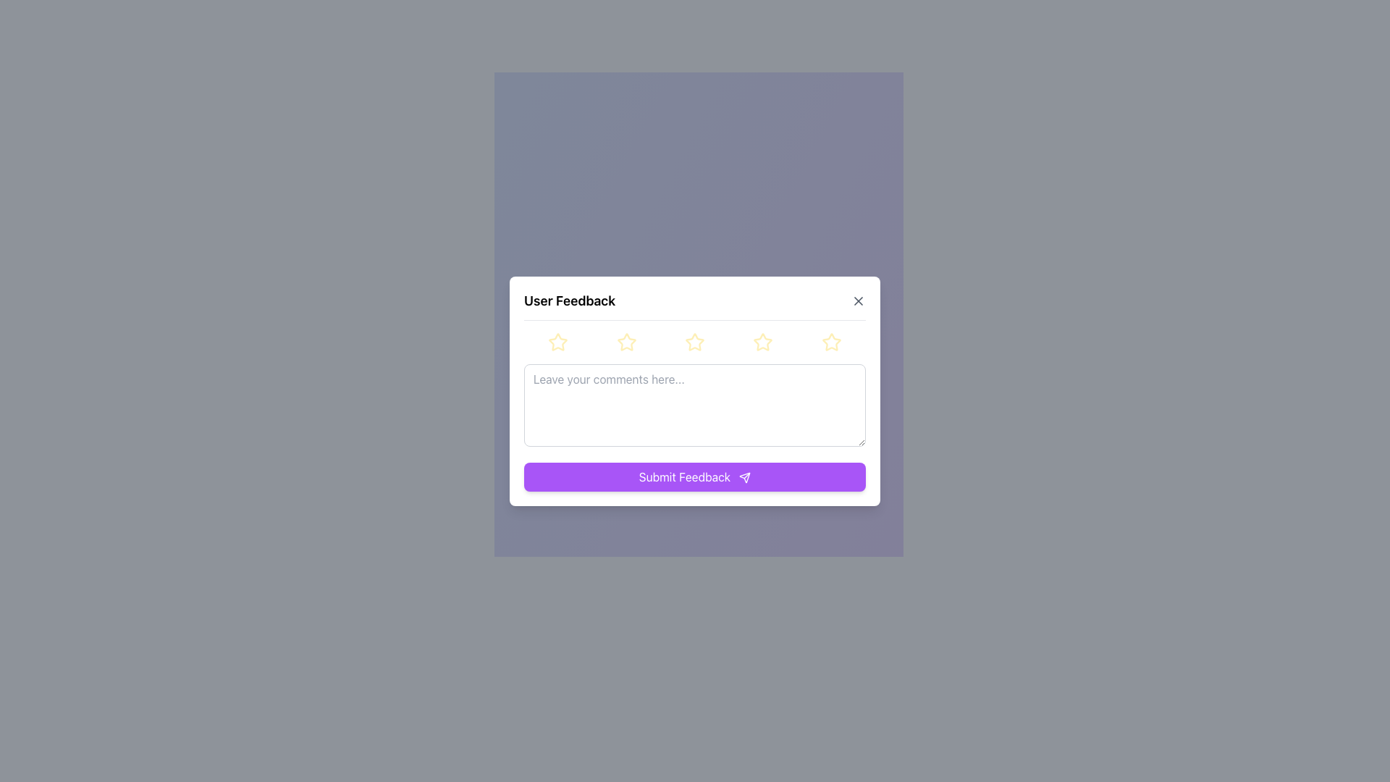 The image size is (1390, 782). What do you see at coordinates (745, 478) in the screenshot?
I see `the upward-right arrow icon associated with the 'Submit Feedback' button, which has a white outline and a purple background, located at the right side of the button's text` at bounding box center [745, 478].